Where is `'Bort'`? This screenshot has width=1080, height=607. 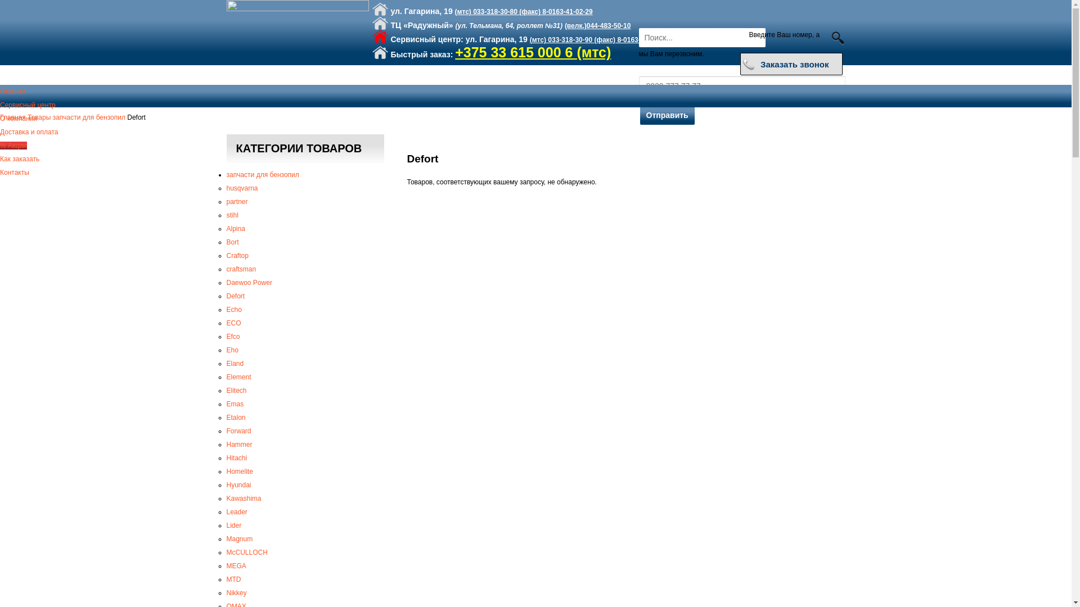
'Bort' is located at coordinates (226, 242).